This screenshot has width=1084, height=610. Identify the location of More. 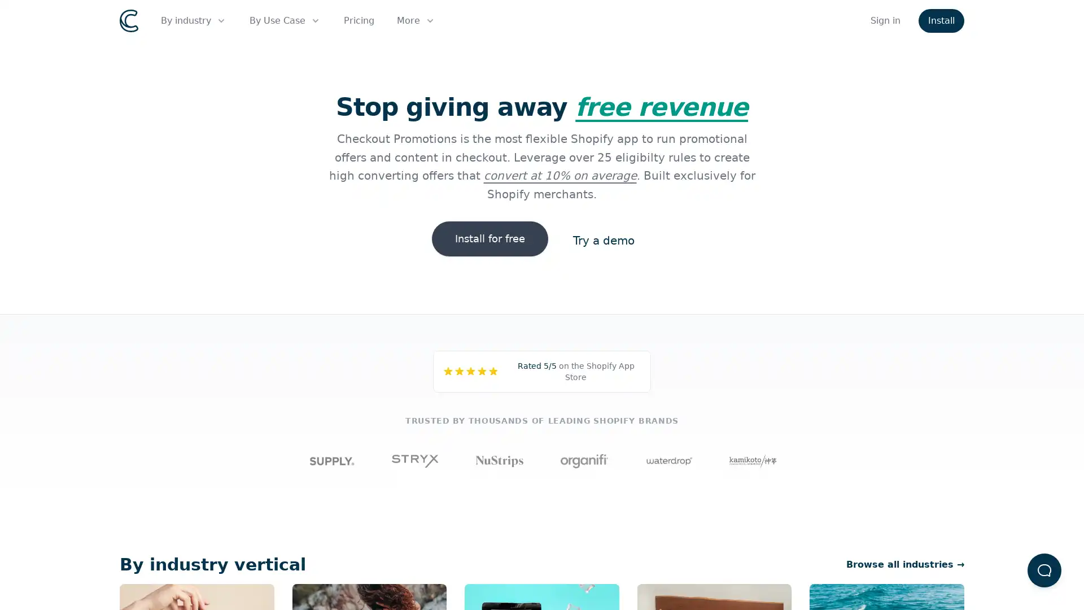
(416, 21).